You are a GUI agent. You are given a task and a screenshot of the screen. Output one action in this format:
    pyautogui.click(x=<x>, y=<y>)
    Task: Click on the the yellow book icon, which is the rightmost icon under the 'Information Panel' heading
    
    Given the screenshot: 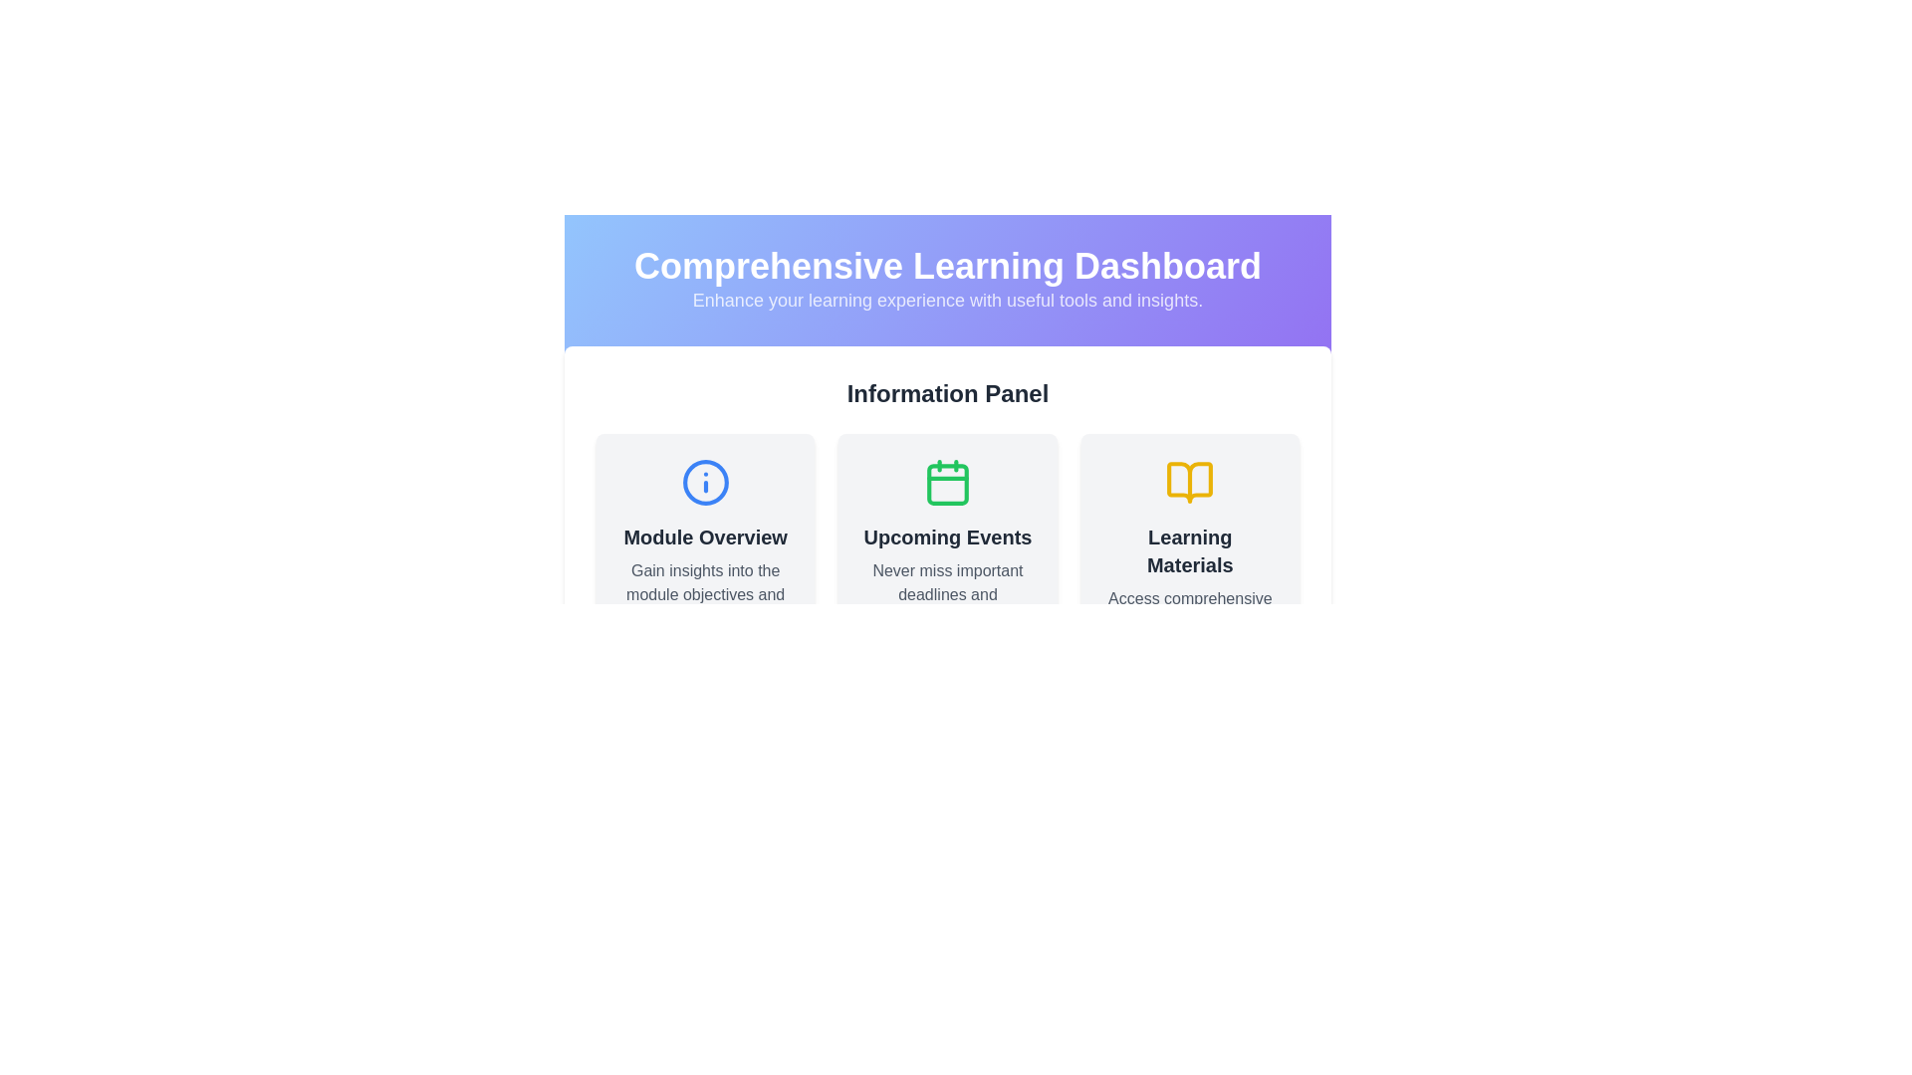 What is the action you would take?
    pyautogui.click(x=1190, y=483)
    